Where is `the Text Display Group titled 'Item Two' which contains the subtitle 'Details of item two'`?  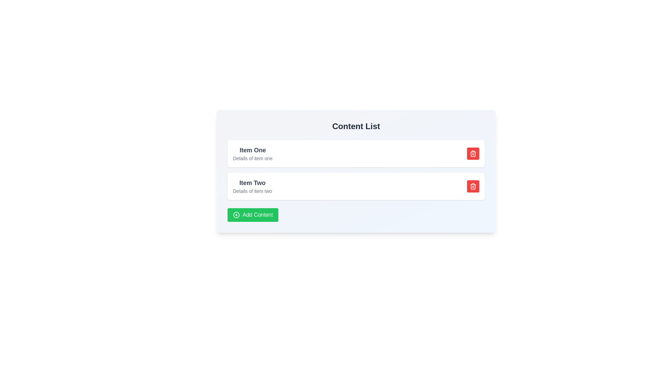
the Text Display Group titled 'Item Two' which contains the subtitle 'Details of item two' is located at coordinates (252, 186).